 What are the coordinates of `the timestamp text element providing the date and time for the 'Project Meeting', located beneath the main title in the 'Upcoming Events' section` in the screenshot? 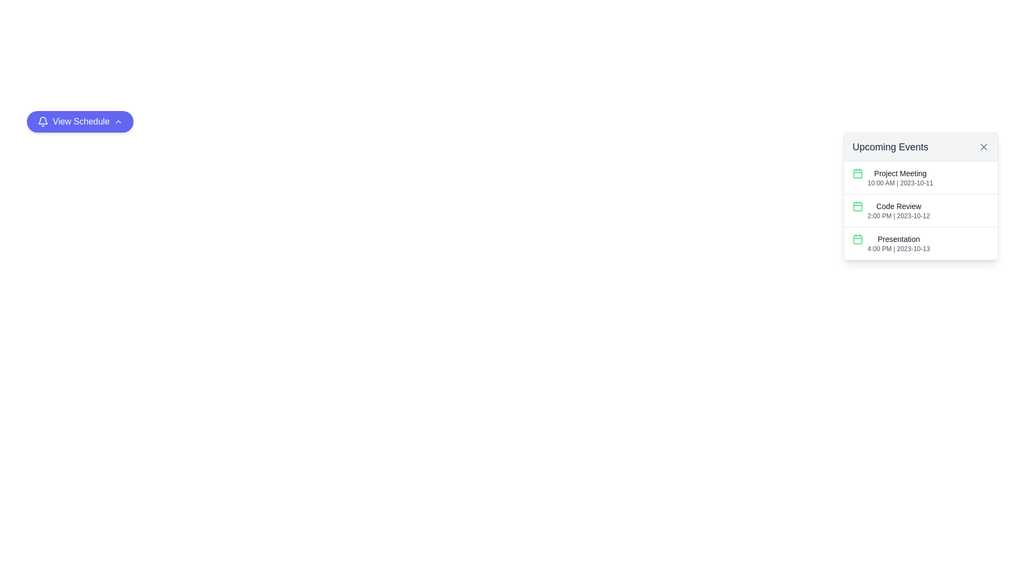 It's located at (900, 182).